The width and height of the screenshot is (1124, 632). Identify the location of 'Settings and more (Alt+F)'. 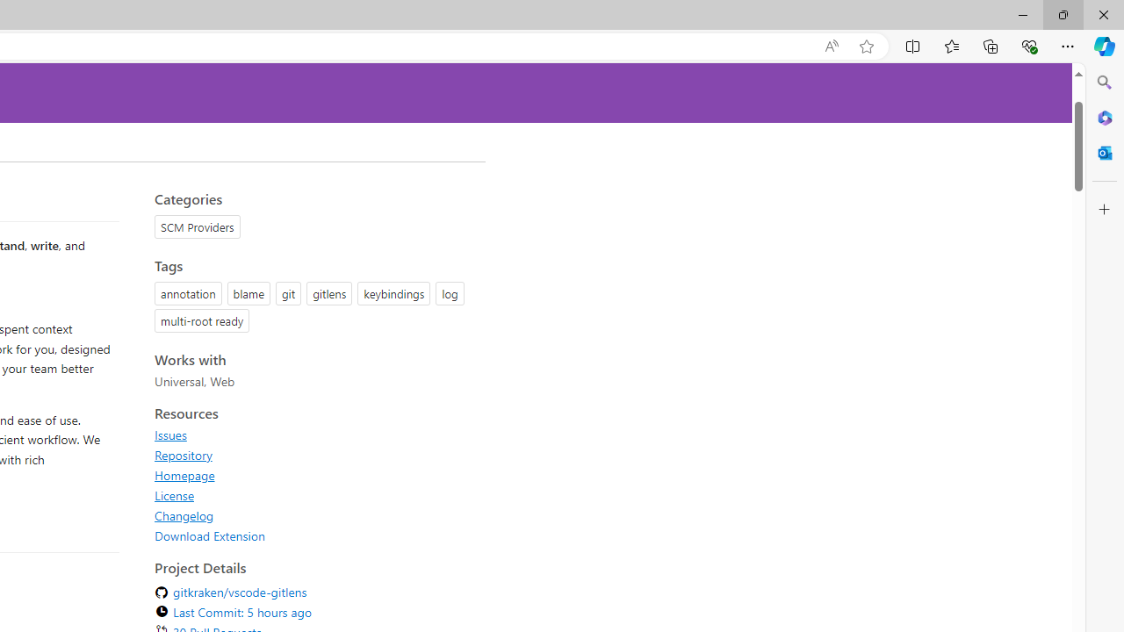
(1067, 45).